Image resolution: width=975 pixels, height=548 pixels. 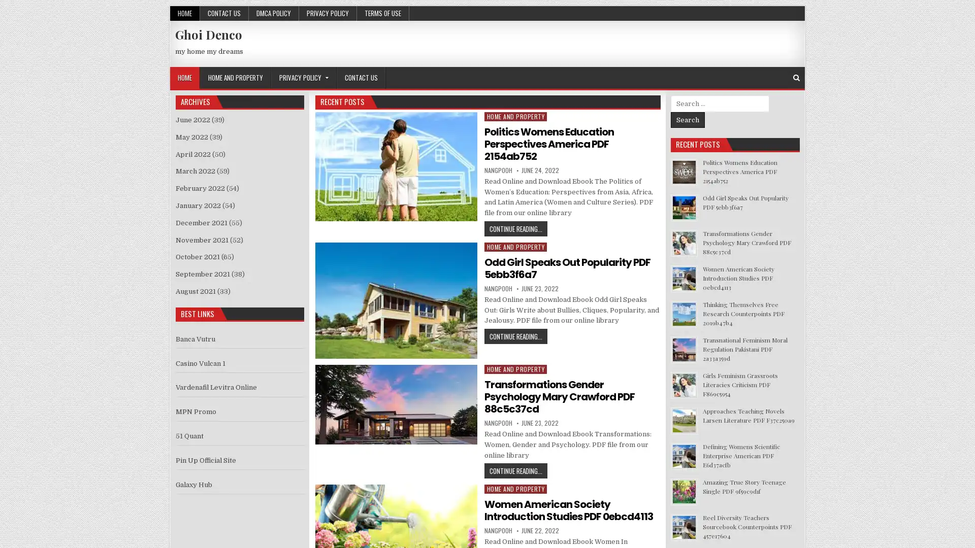 I want to click on Search, so click(x=688, y=119).